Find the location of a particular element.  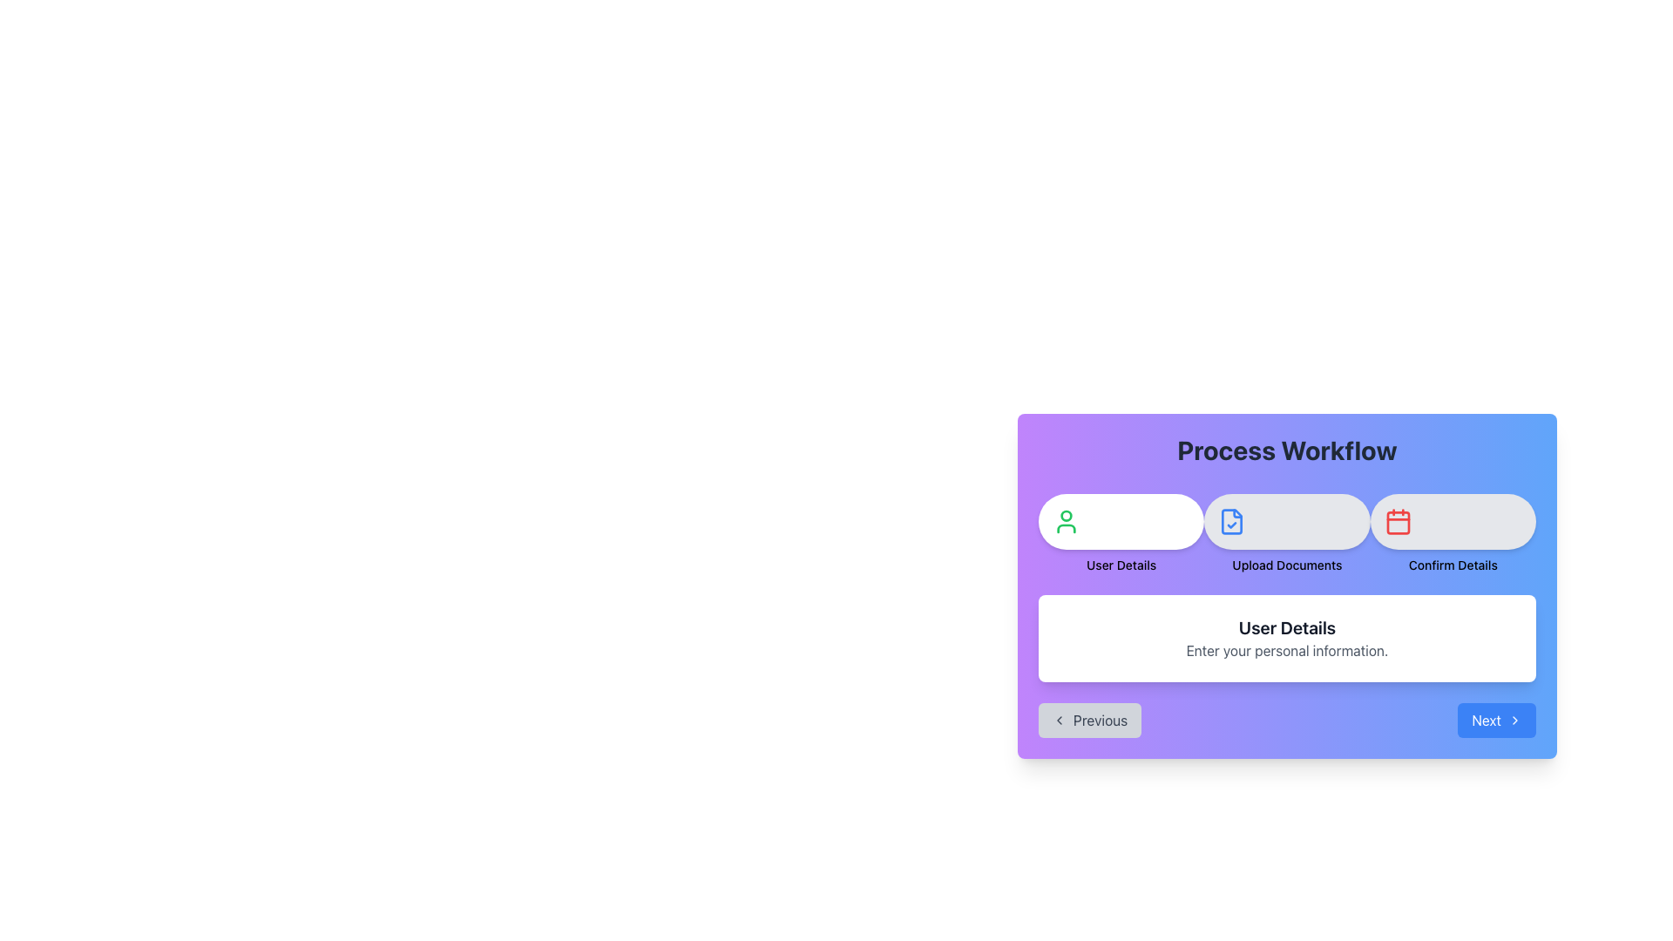

the 'Next' button icon located in the lower-right corner of the interface is located at coordinates (1514, 720).